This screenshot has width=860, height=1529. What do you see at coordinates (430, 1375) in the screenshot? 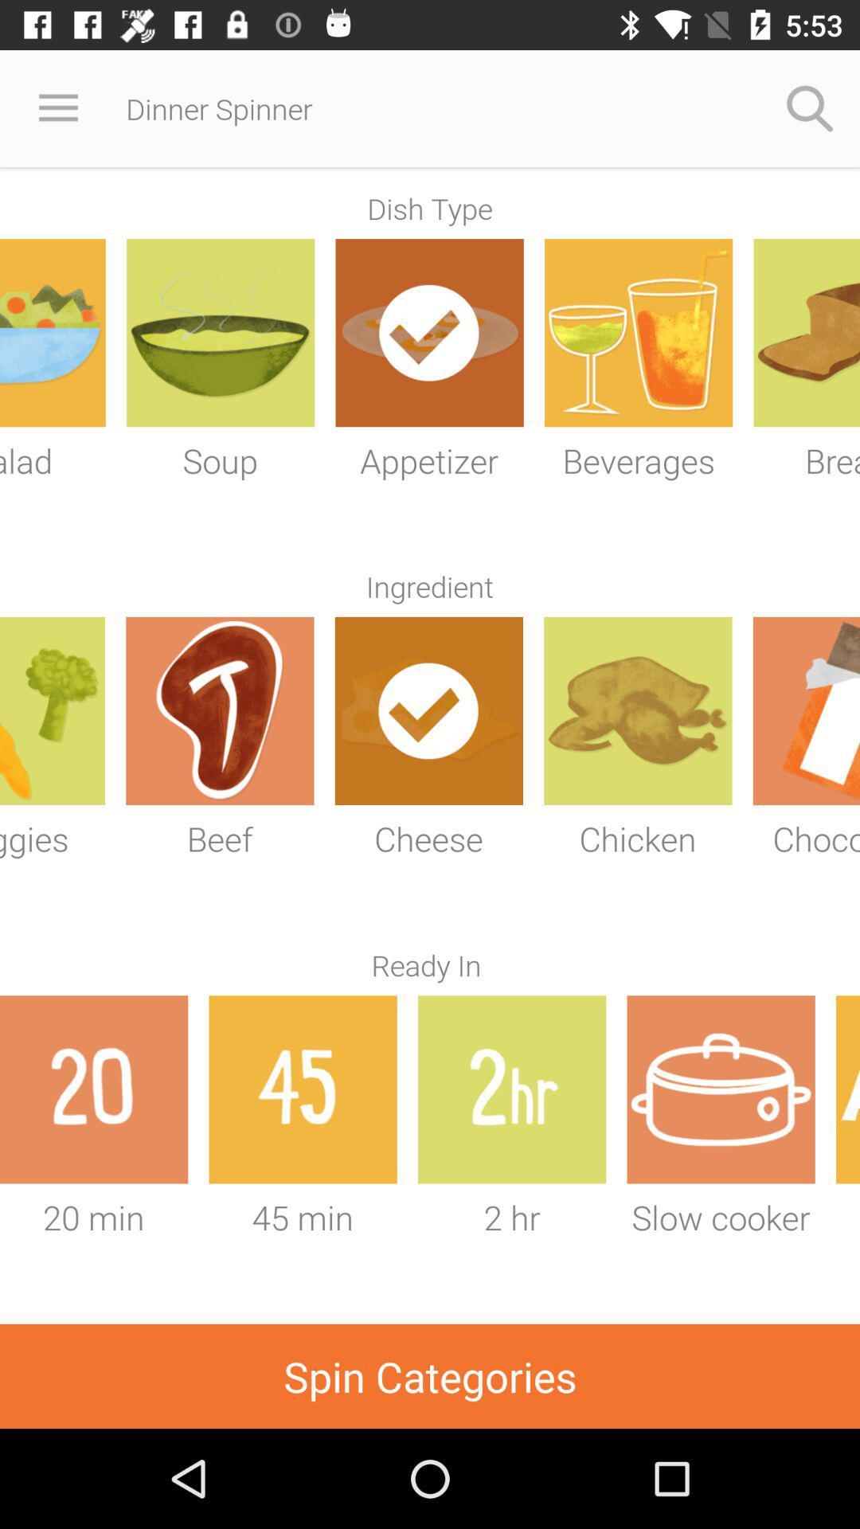
I see `item below the 20 min icon` at bounding box center [430, 1375].